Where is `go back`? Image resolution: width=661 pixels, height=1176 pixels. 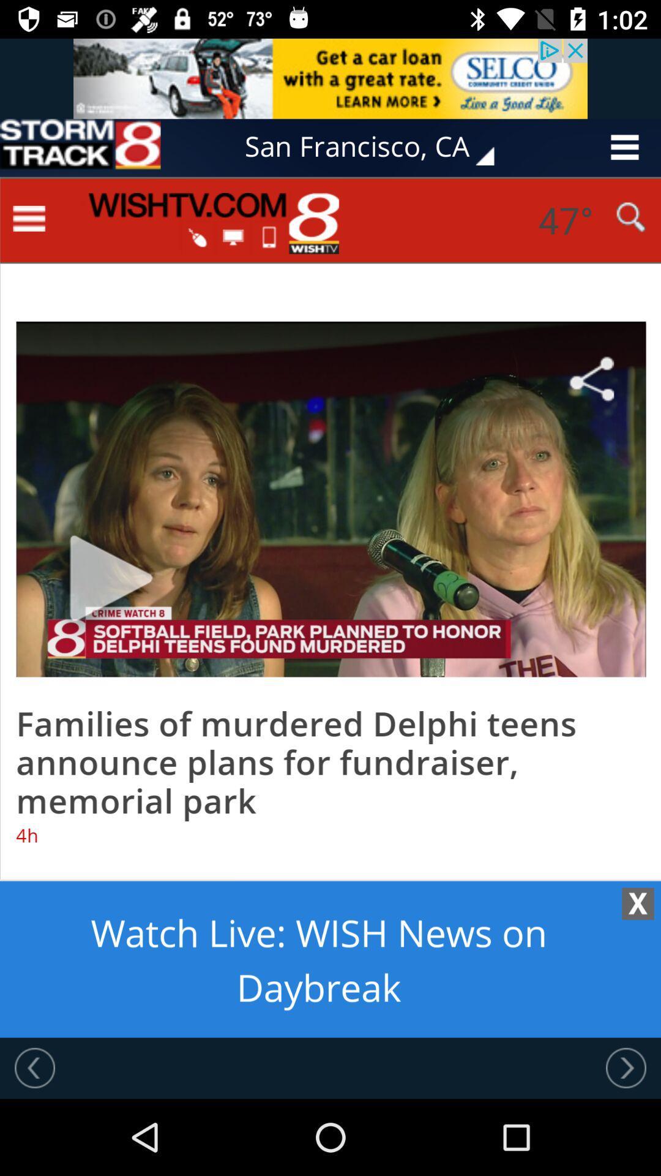
go back is located at coordinates (34, 1067).